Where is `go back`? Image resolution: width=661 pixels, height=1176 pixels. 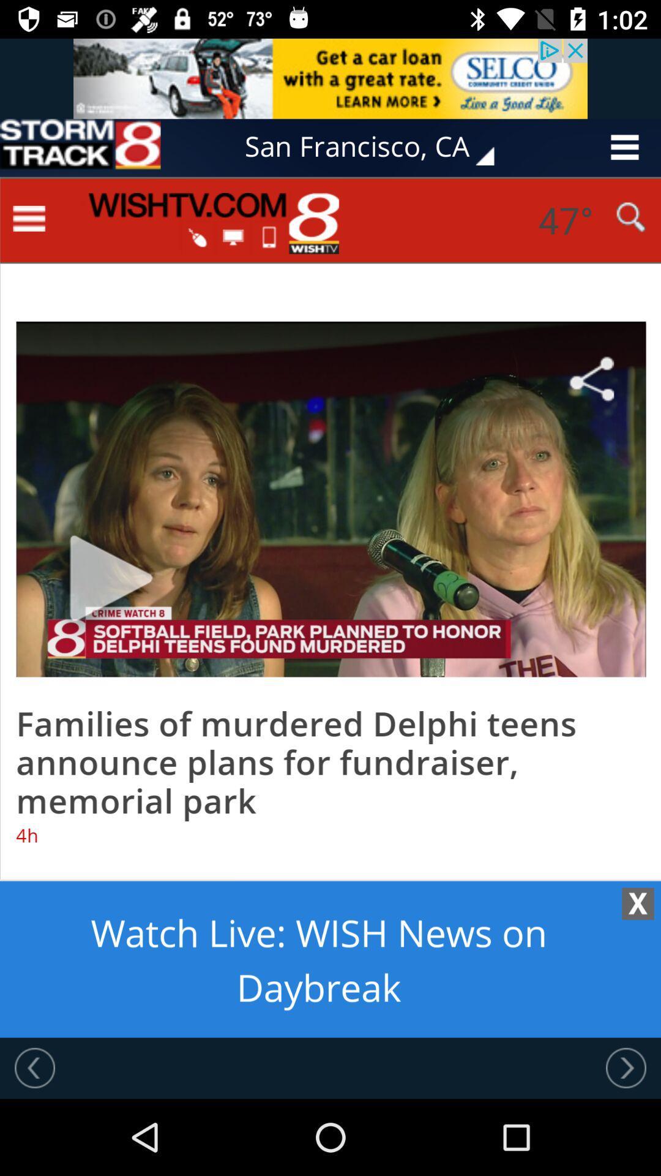
go back is located at coordinates (34, 1067).